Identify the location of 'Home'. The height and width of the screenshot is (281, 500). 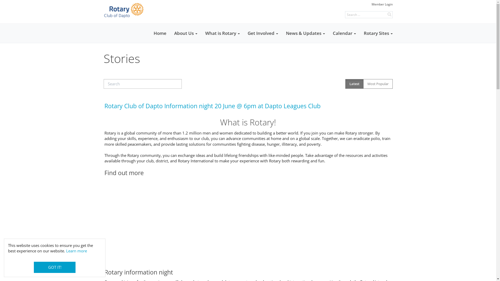
(159, 33).